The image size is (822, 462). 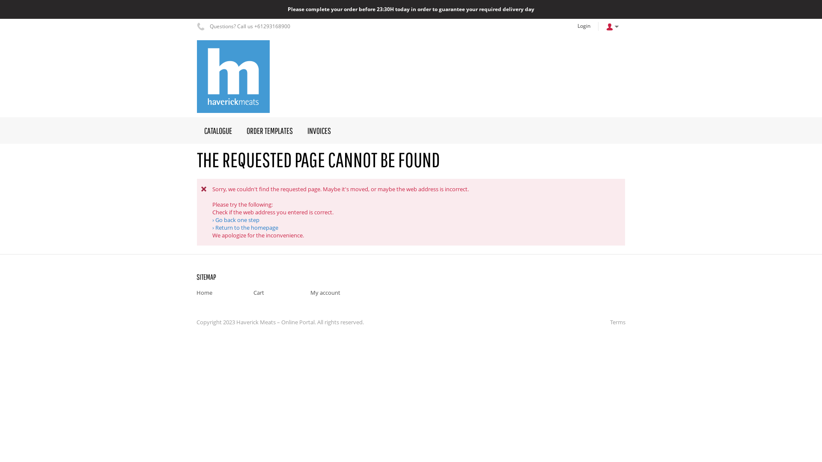 I want to click on 'Cart', so click(x=253, y=292).